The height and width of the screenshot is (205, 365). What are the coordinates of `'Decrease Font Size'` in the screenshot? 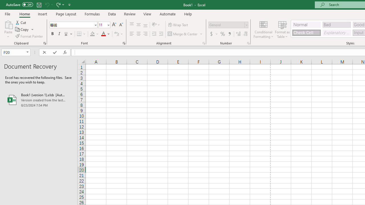 It's located at (121, 24).